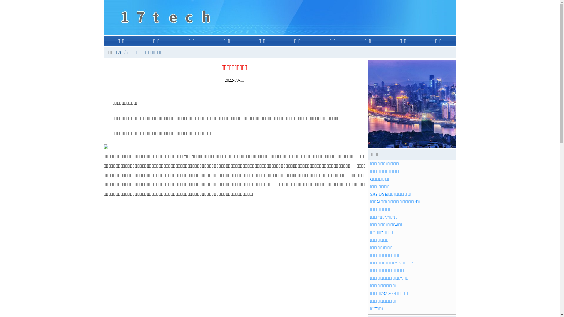 The image size is (564, 317). What do you see at coordinates (121, 52) in the screenshot?
I see `'17tech'` at bounding box center [121, 52].